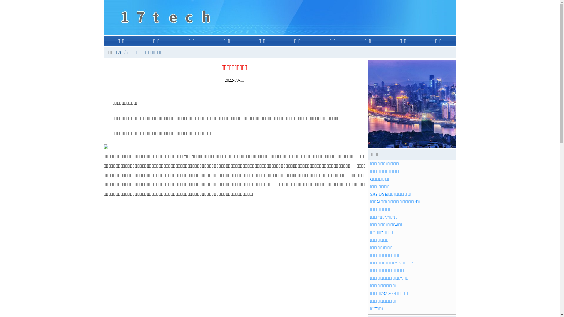 The image size is (564, 317). What do you see at coordinates (121, 52) in the screenshot?
I see `'17tech'` at bounding box center [121, 52].